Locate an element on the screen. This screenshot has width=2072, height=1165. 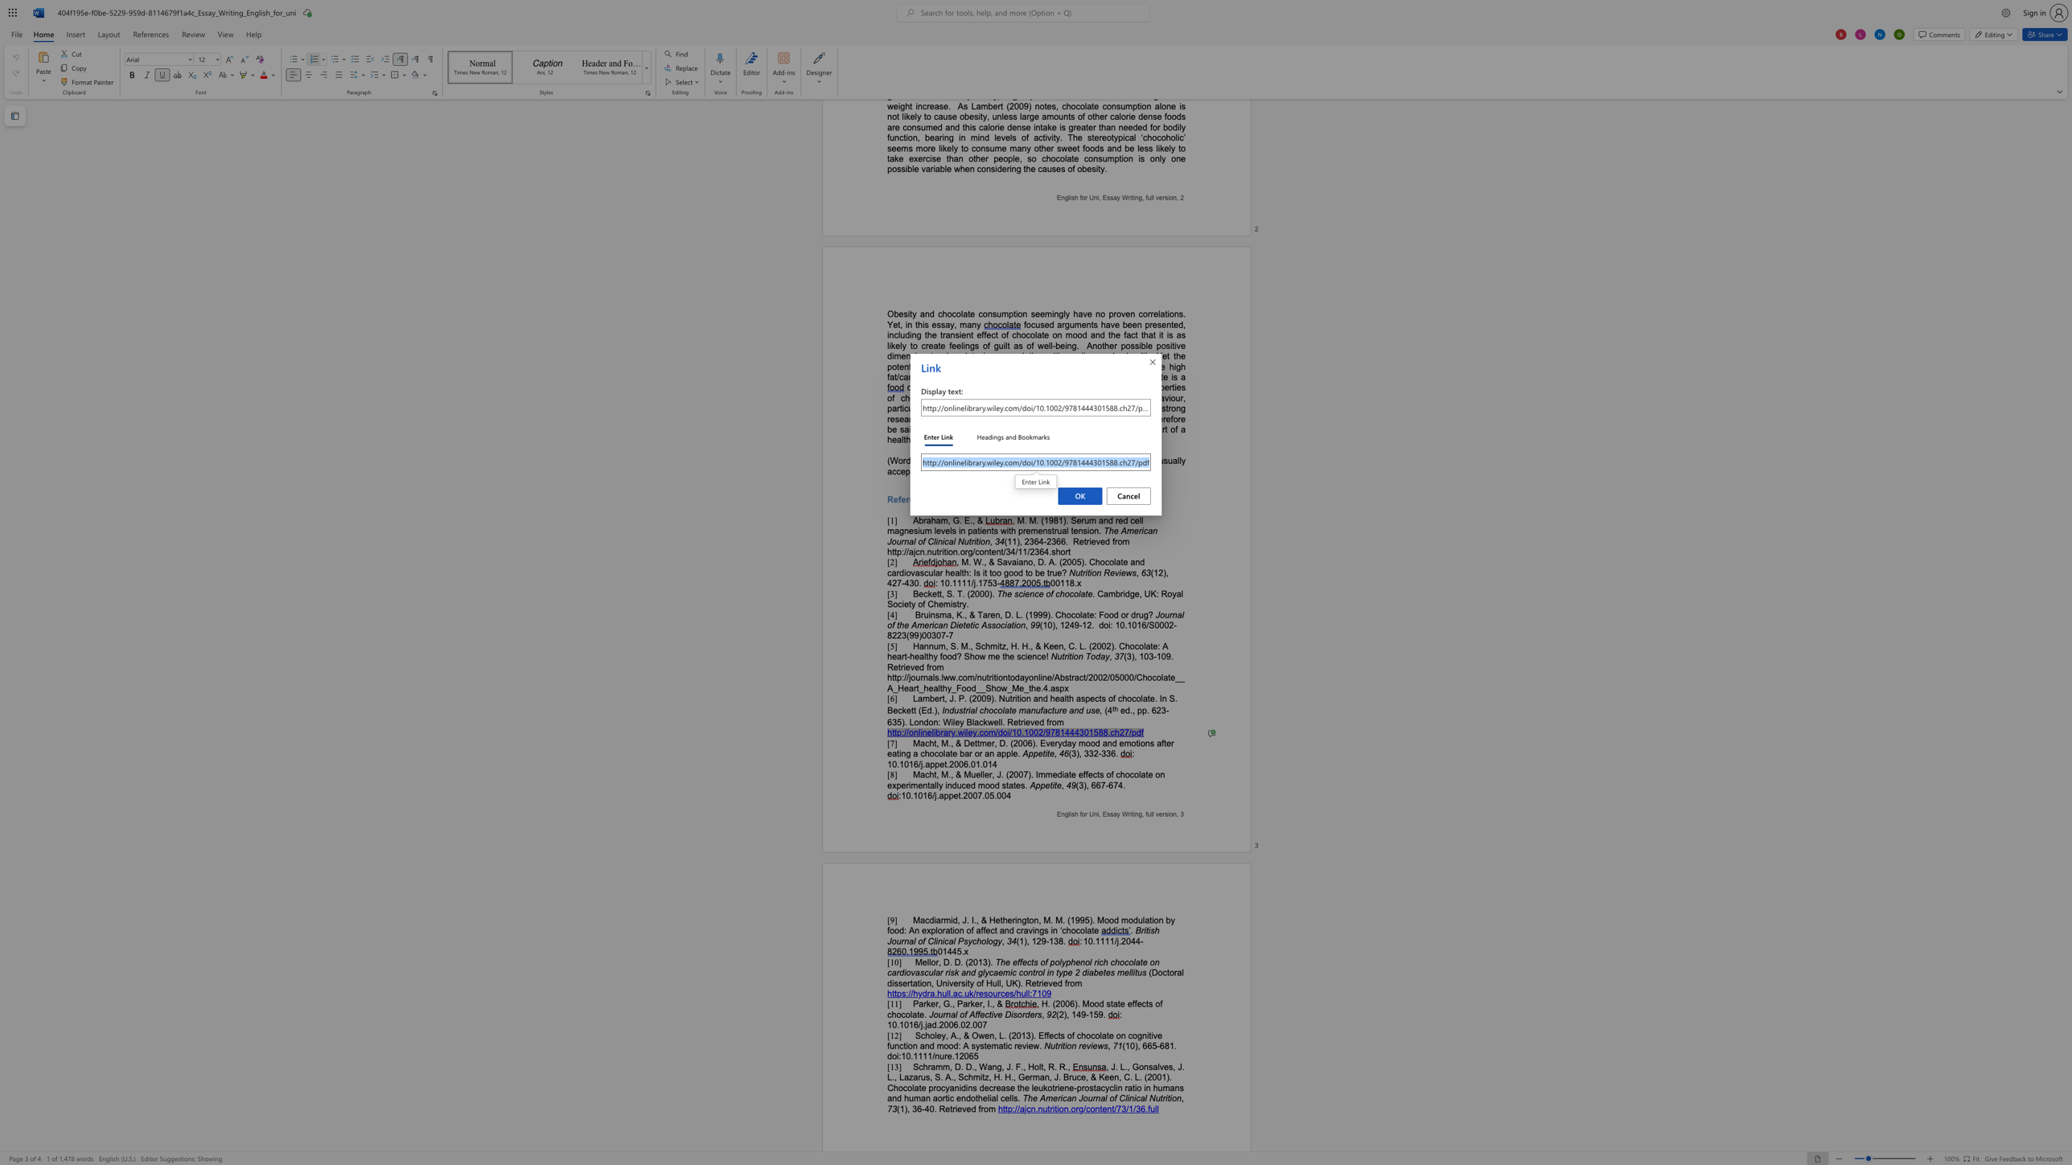
the 1th character "," in the text is located at coordinates (1067, 1014).